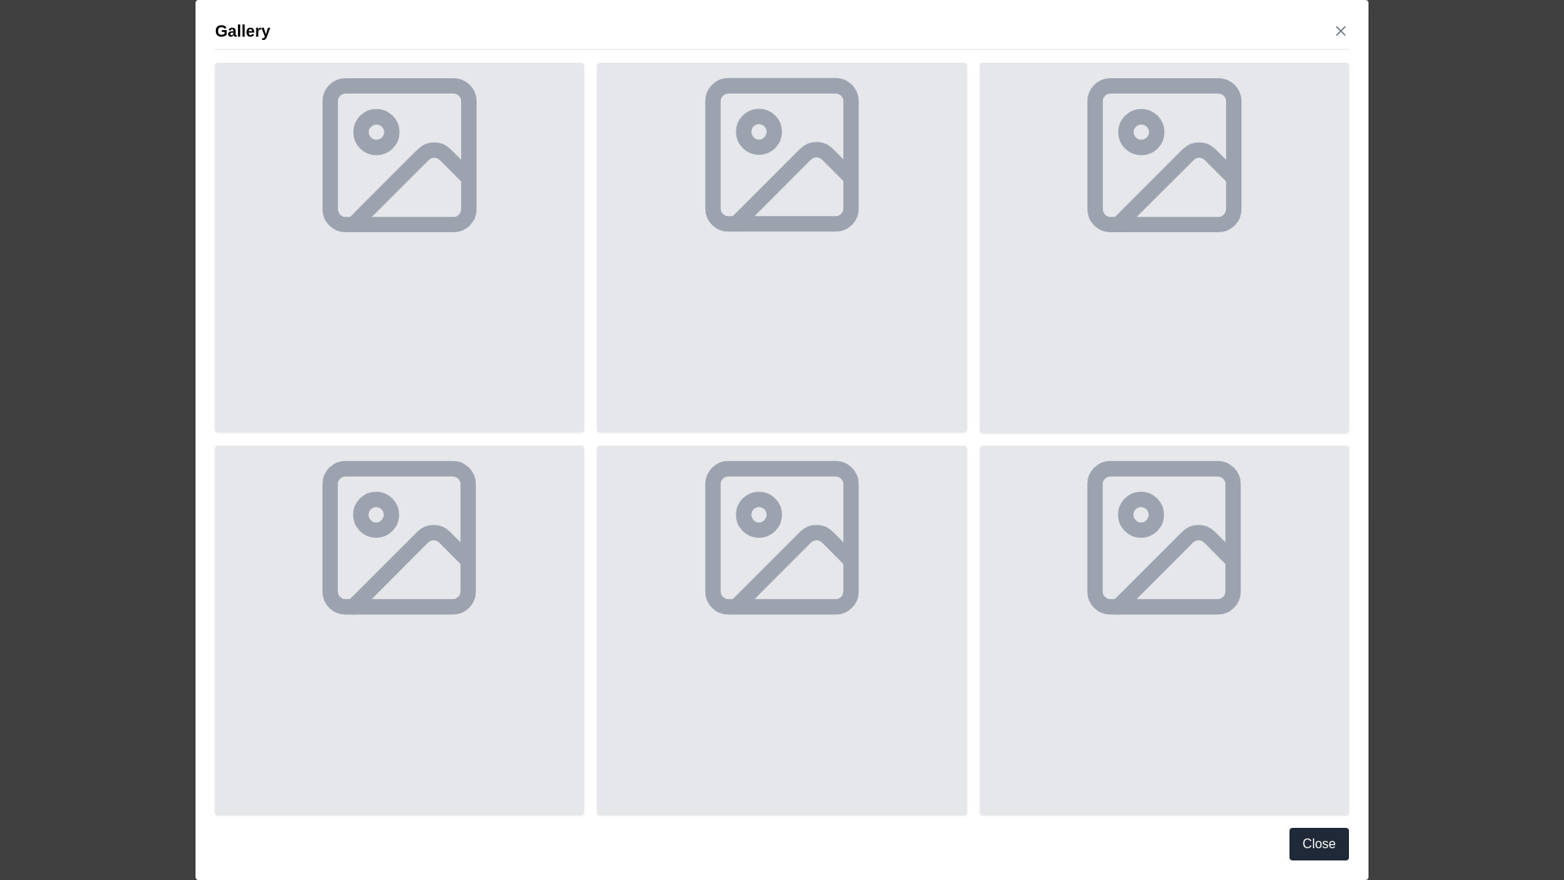 This screenshot has height=880, width=1564. Describe the element at coordinates (758, 131) in the screenshot. I see `the small decorative circle located in the upper-left corner of the image placeholder icon, which is part of a grid layout in the top row, second column` at that location.